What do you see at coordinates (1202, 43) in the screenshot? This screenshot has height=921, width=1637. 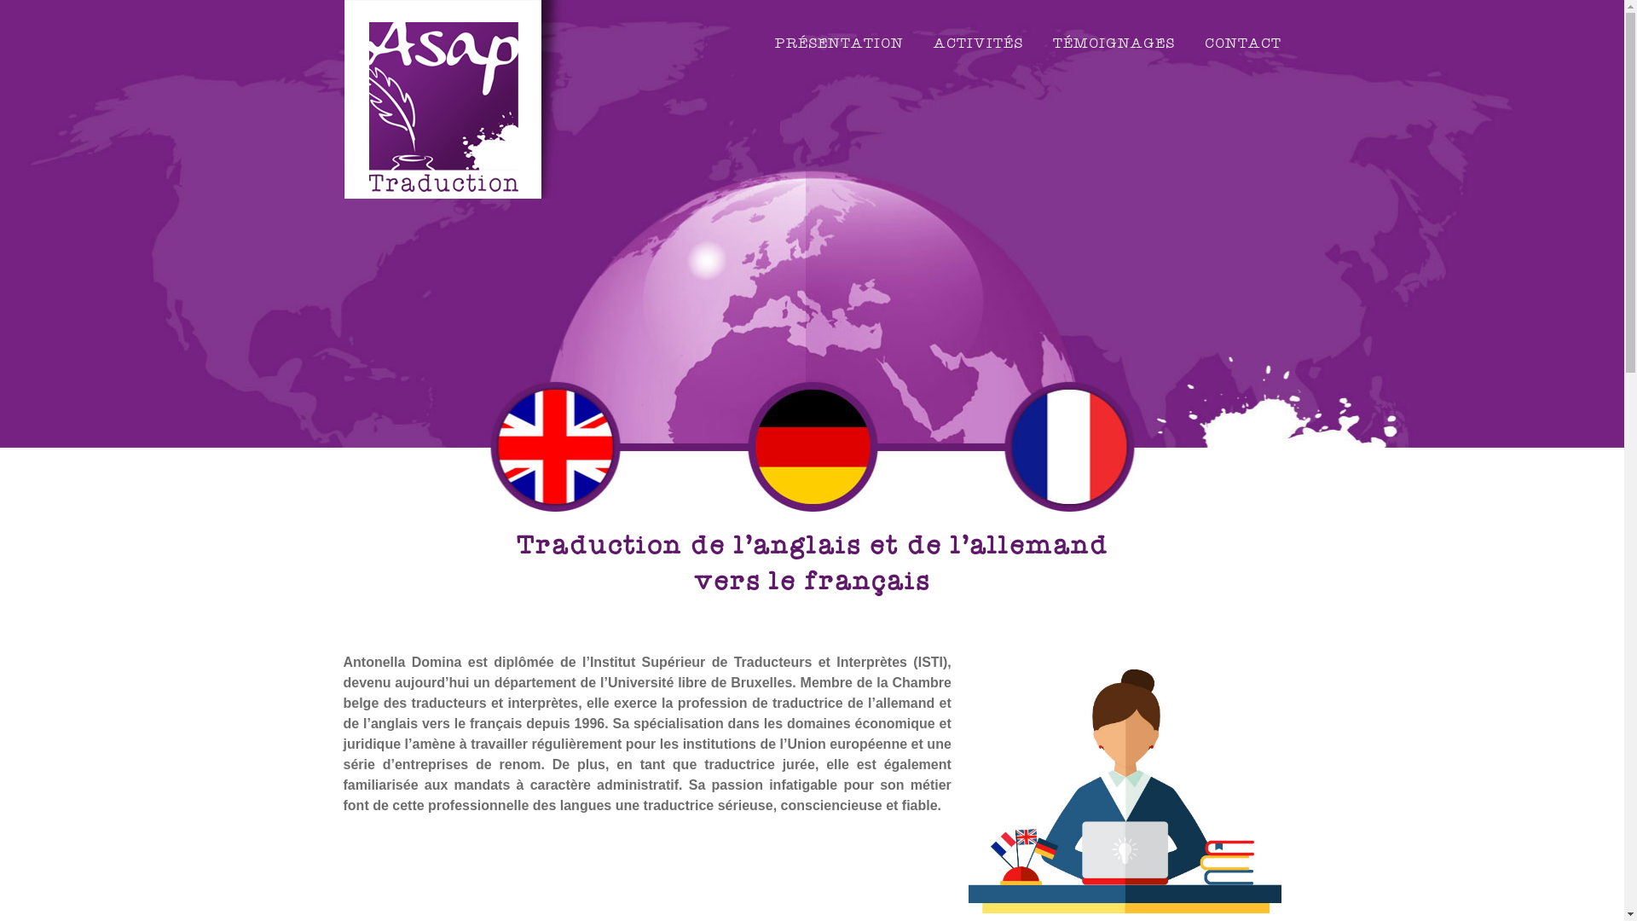 I see `'CONTACT'` at bounding box center [1202, 43].